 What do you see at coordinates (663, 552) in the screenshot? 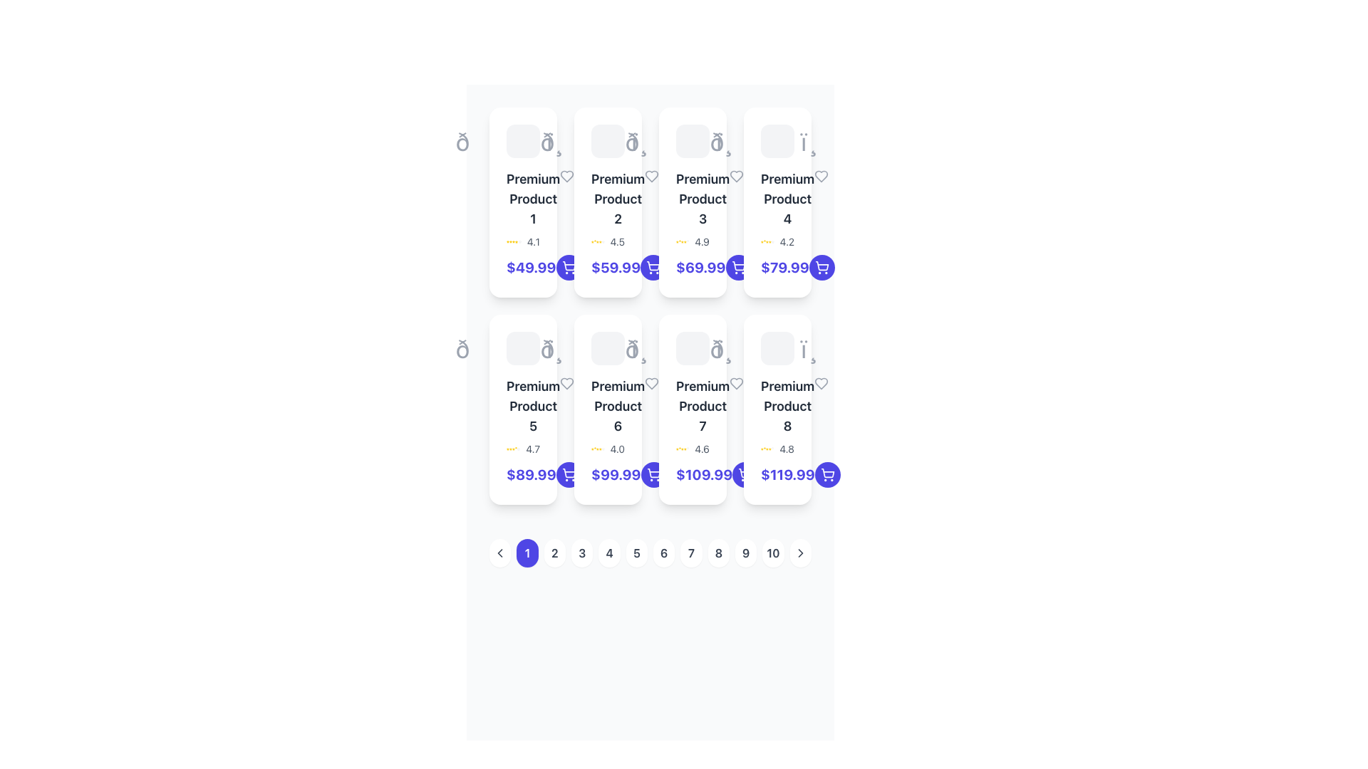
I see `the sixth button in the pagination sequence` at bounding box center [663, 552].